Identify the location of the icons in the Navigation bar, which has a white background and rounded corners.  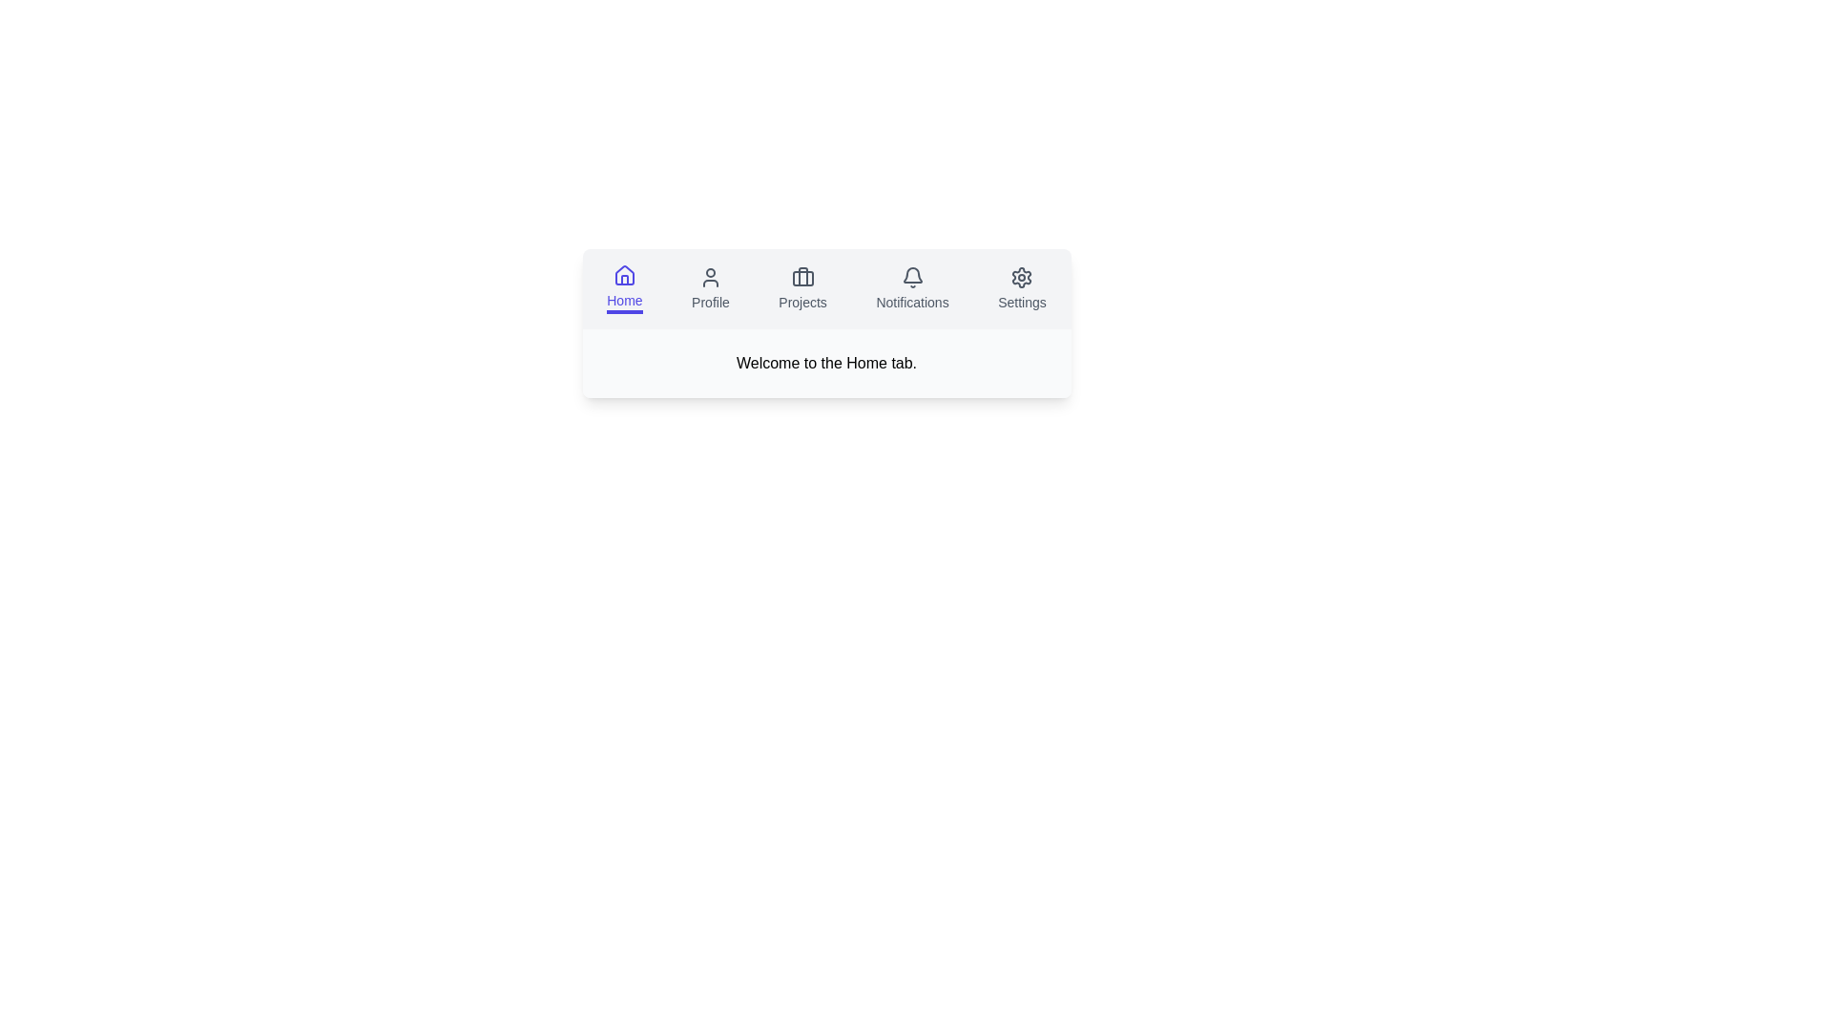
(826, 323).